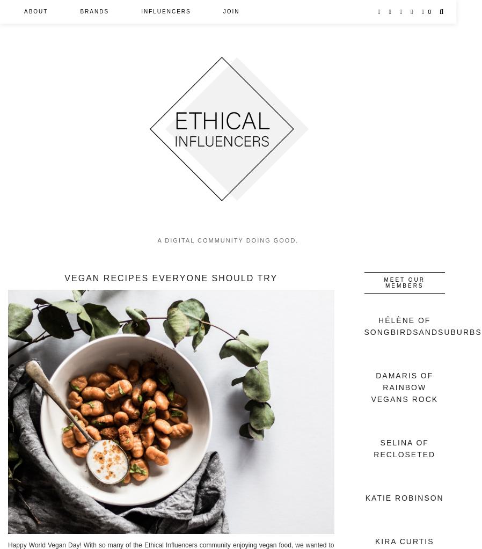 The image size is (482, 549). Describe the element at coordinates (23, 83) in the screenshot. I see `'Contact'` at that location.